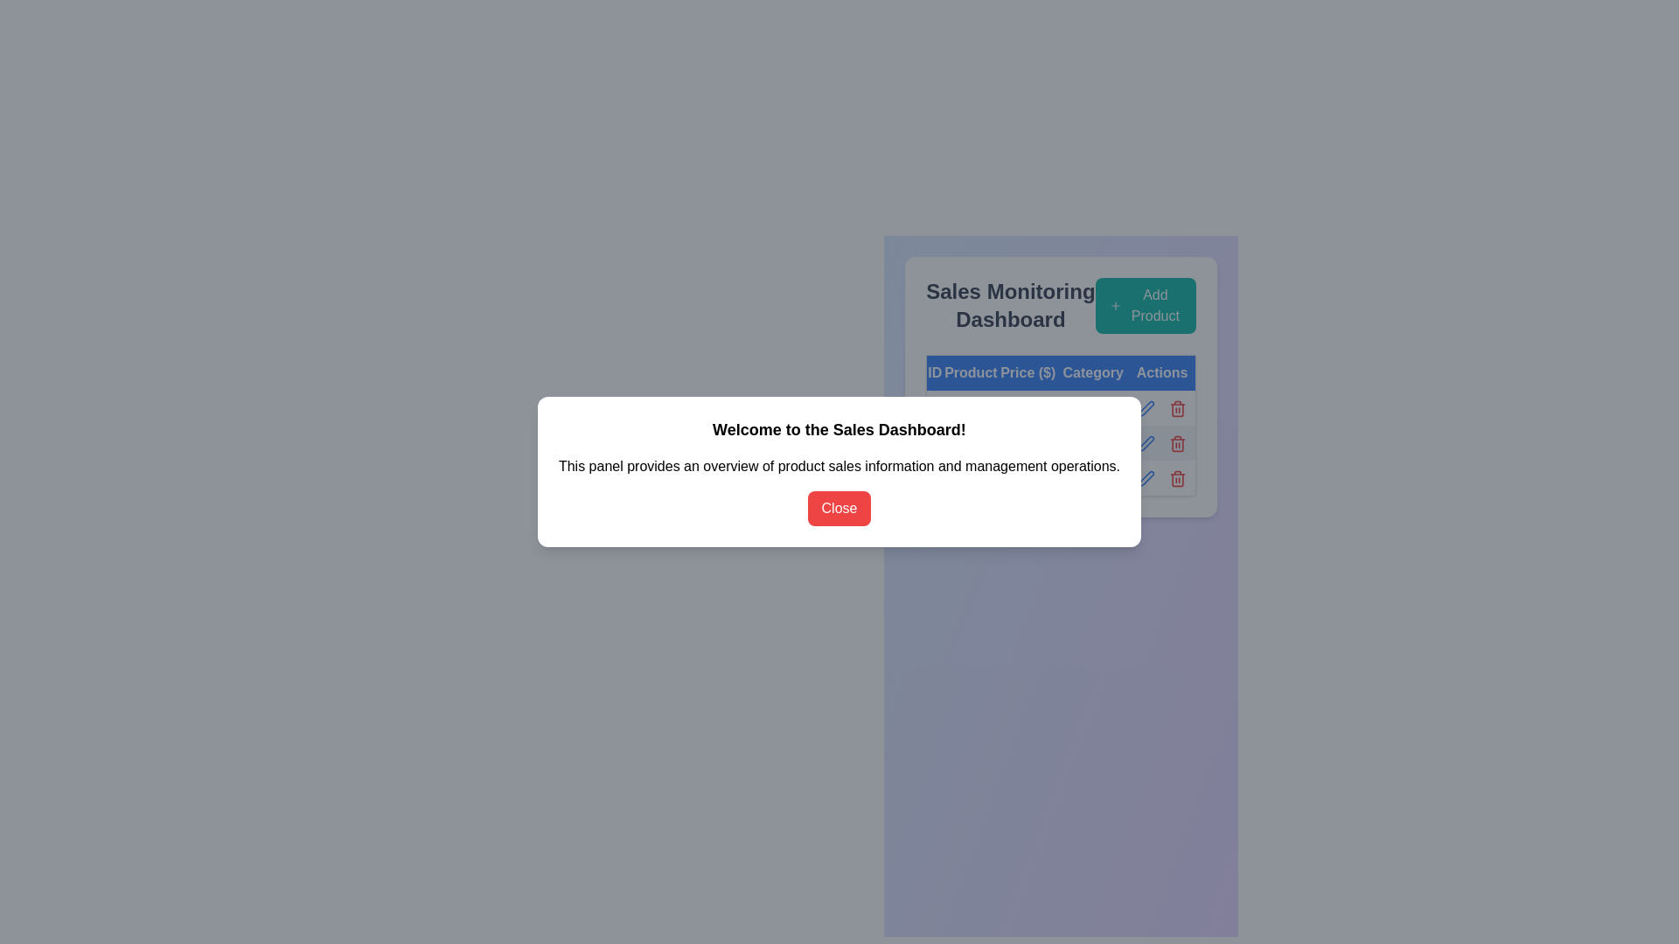 The image size is (1679, 944). Describe the element at coordinates (1060, 371) in the screenshot. I see `column headings from the Table Header Row located beneath the 'Sales Monitoring Dashboard' title, which includes ID, product name, price, category, and actions` at that location.